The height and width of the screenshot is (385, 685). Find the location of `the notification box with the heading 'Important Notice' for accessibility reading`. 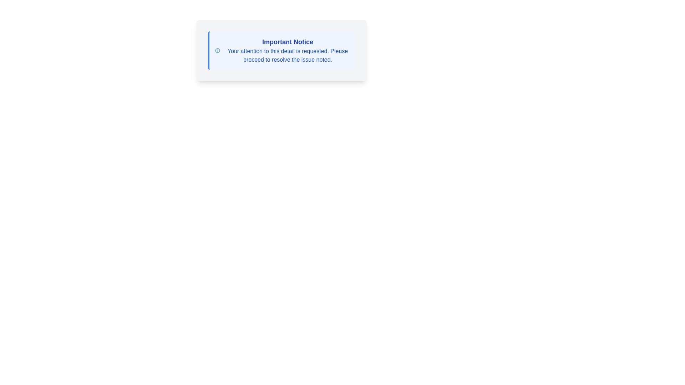

the notification box with the heading 'Important Notice' for accessibility reading is located at coordinates (281, 50).